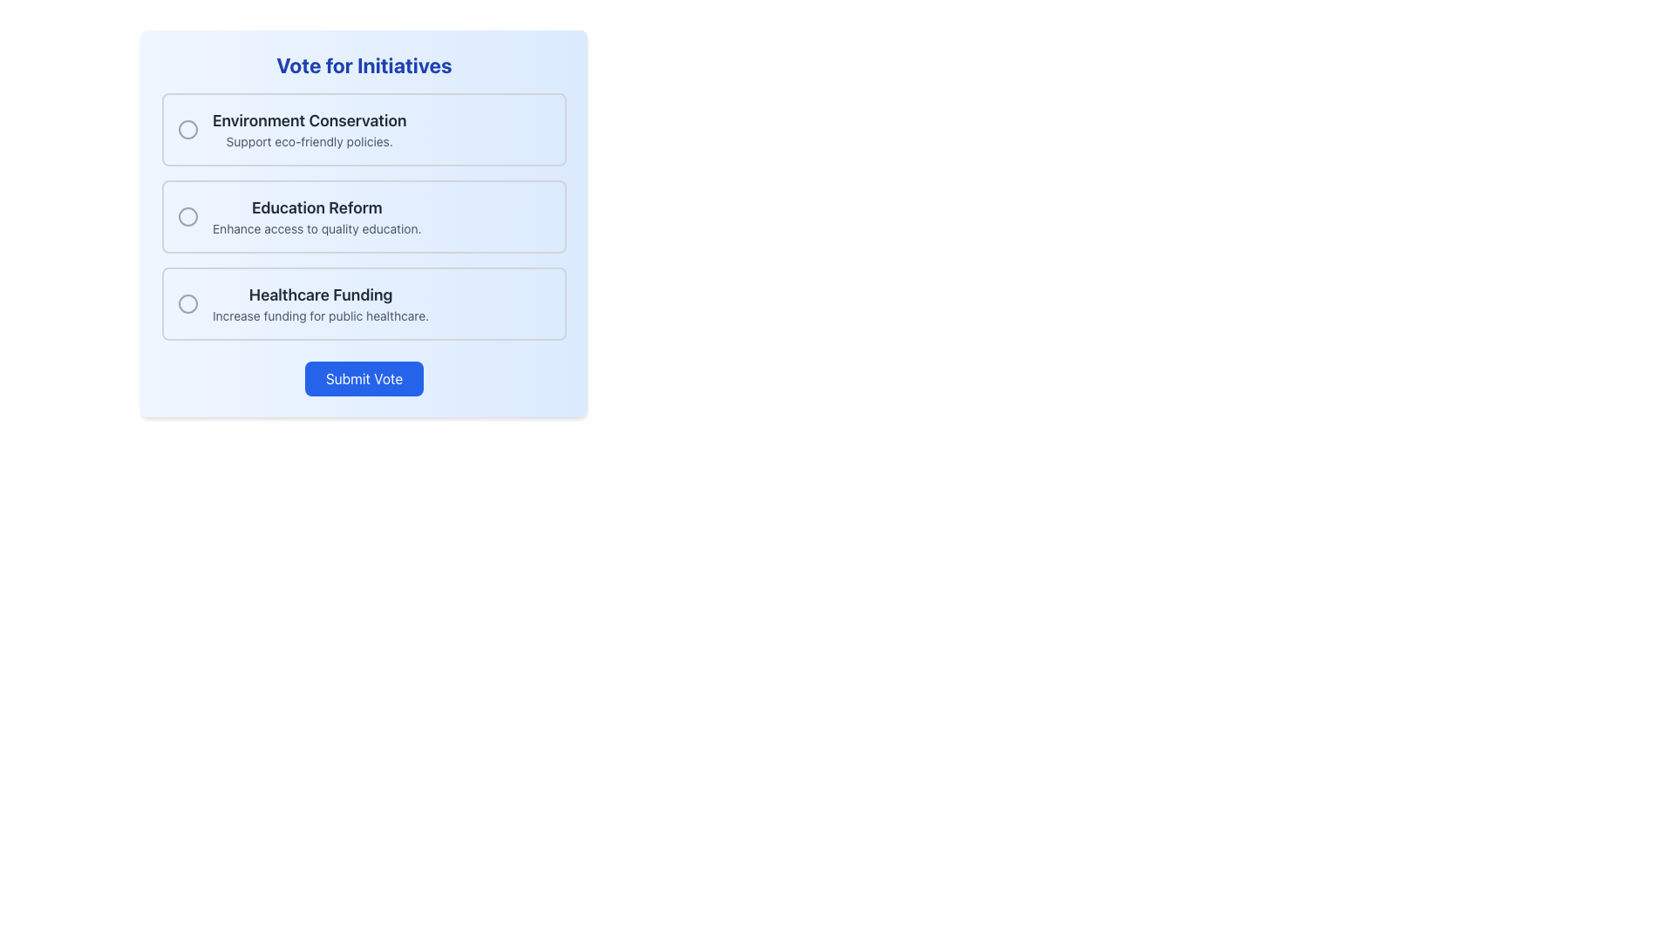 Image resolution: width=1674 pixels, height=941 pixels. What do you see at coordinates (321, 302) in the screenshot?
I see `the text element providing the title and explanation for the 'Healthcare Funding' initiative, located in the third item of the list, positioned between 'Education Reform' and the 'Submit Vote' button` at bounding box center [321, 302].